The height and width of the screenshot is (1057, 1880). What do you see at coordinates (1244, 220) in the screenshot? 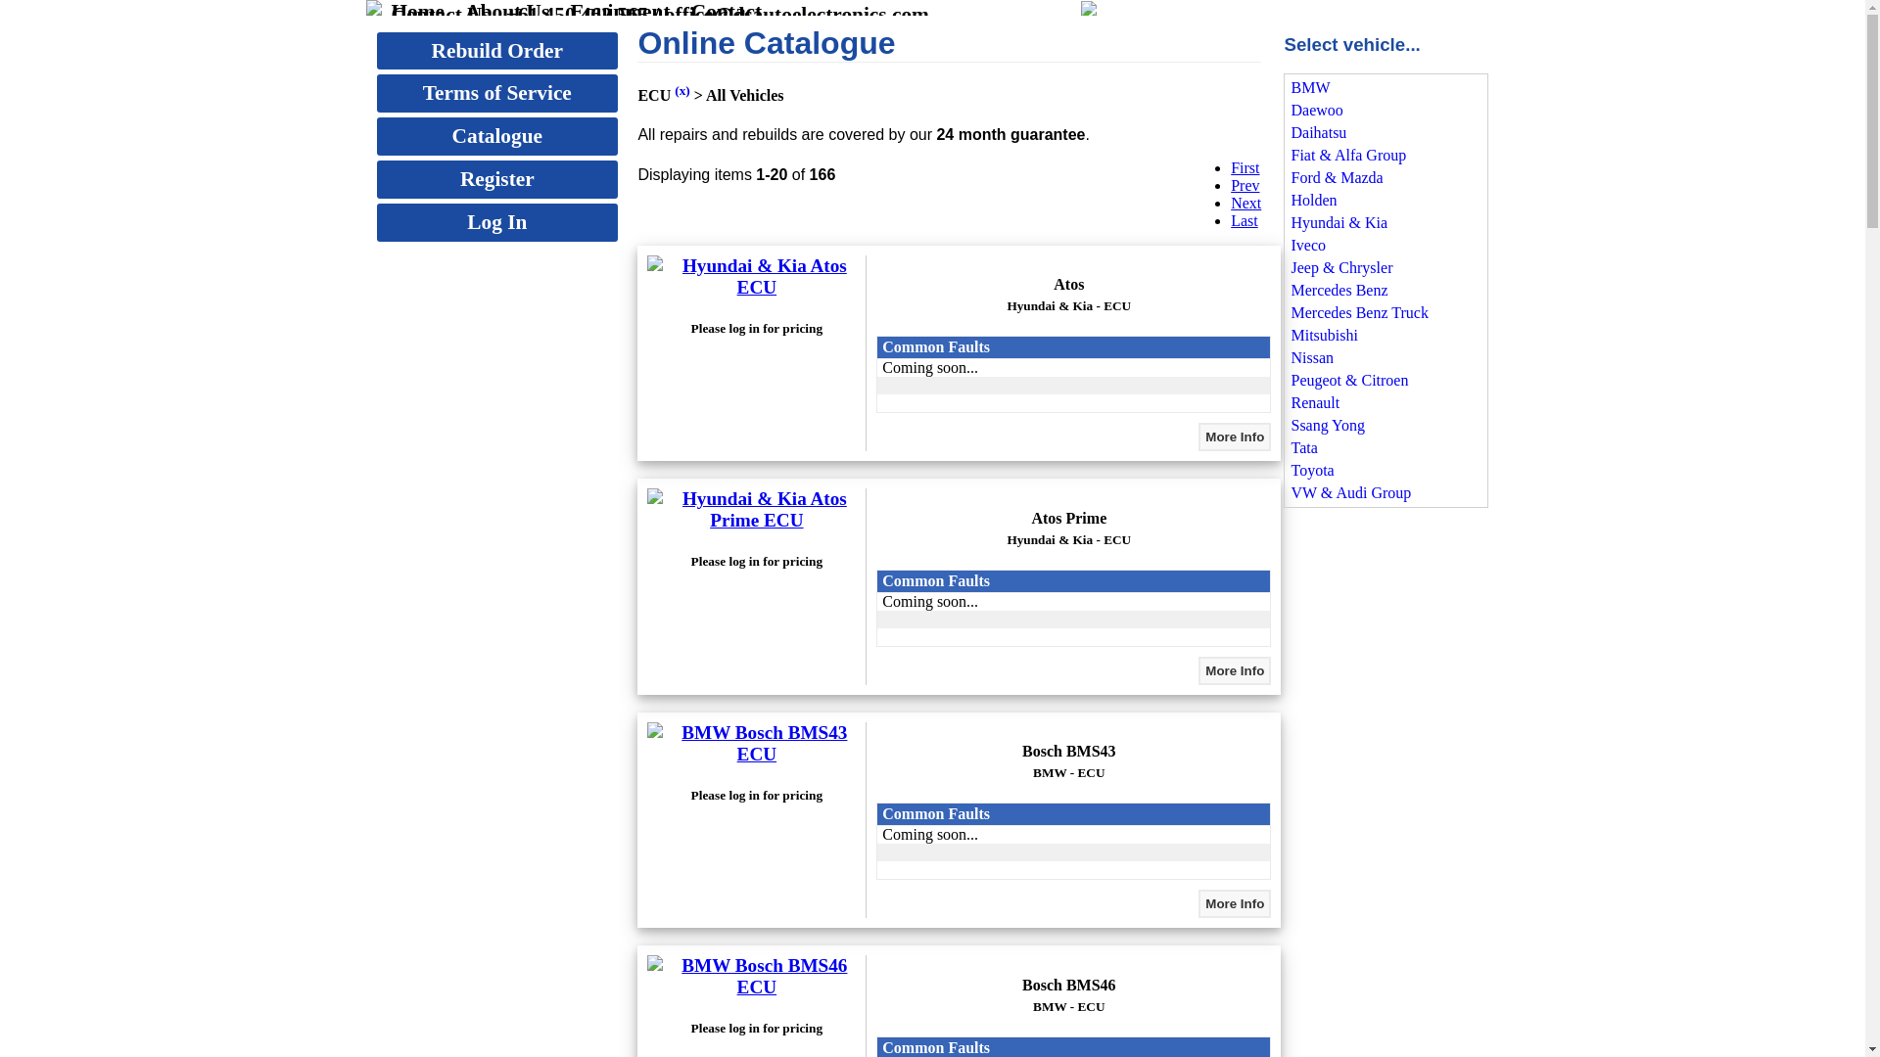
I see `'Last'` at bounding box center [1244, 220].